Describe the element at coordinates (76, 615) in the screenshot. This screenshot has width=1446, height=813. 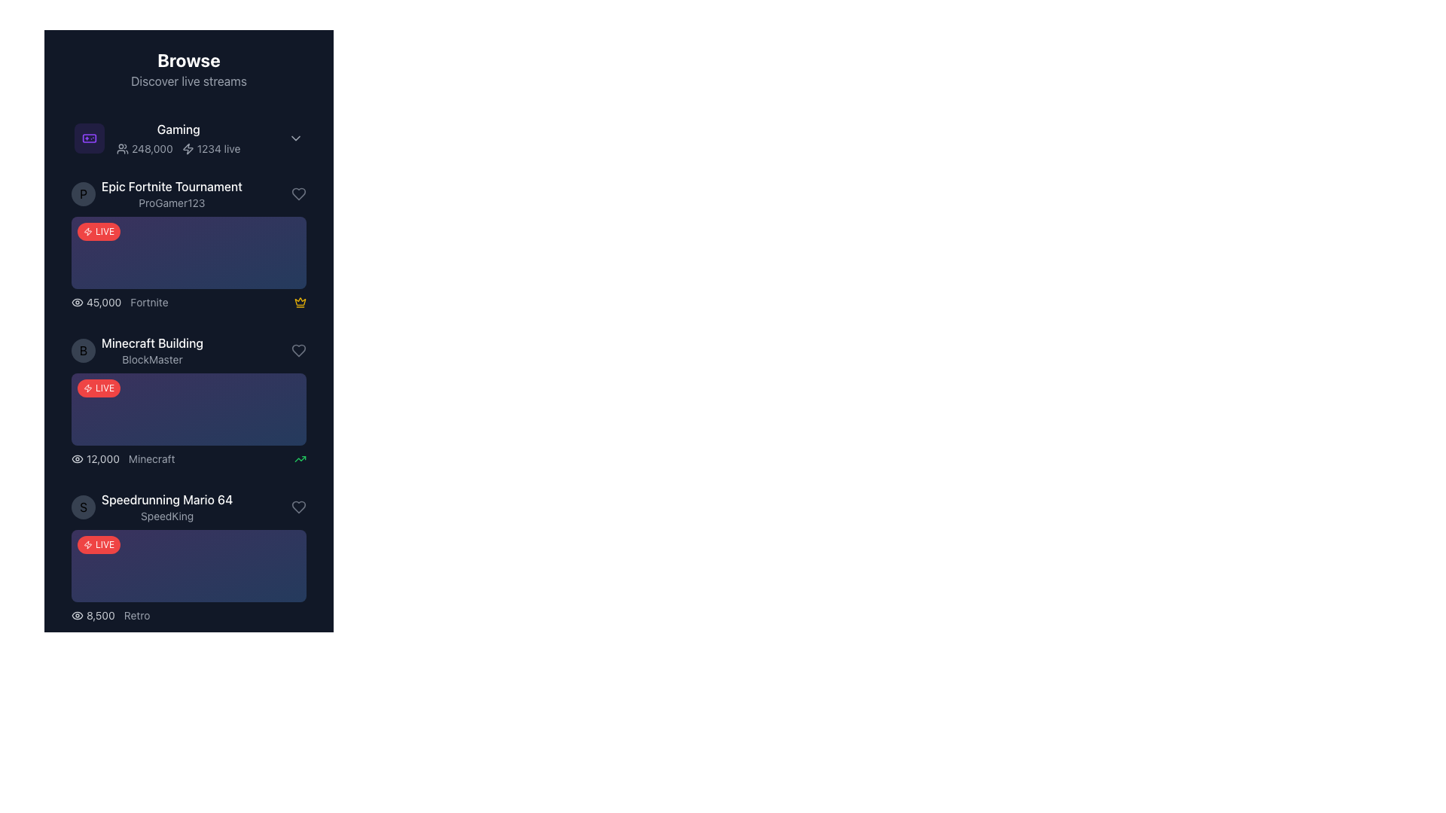
I see `the SVG element resembling an eye-like figure, which is part of a composite visual icon located next to the text 'Minecraft Building' and the username 'BlockMaster'` at that location.